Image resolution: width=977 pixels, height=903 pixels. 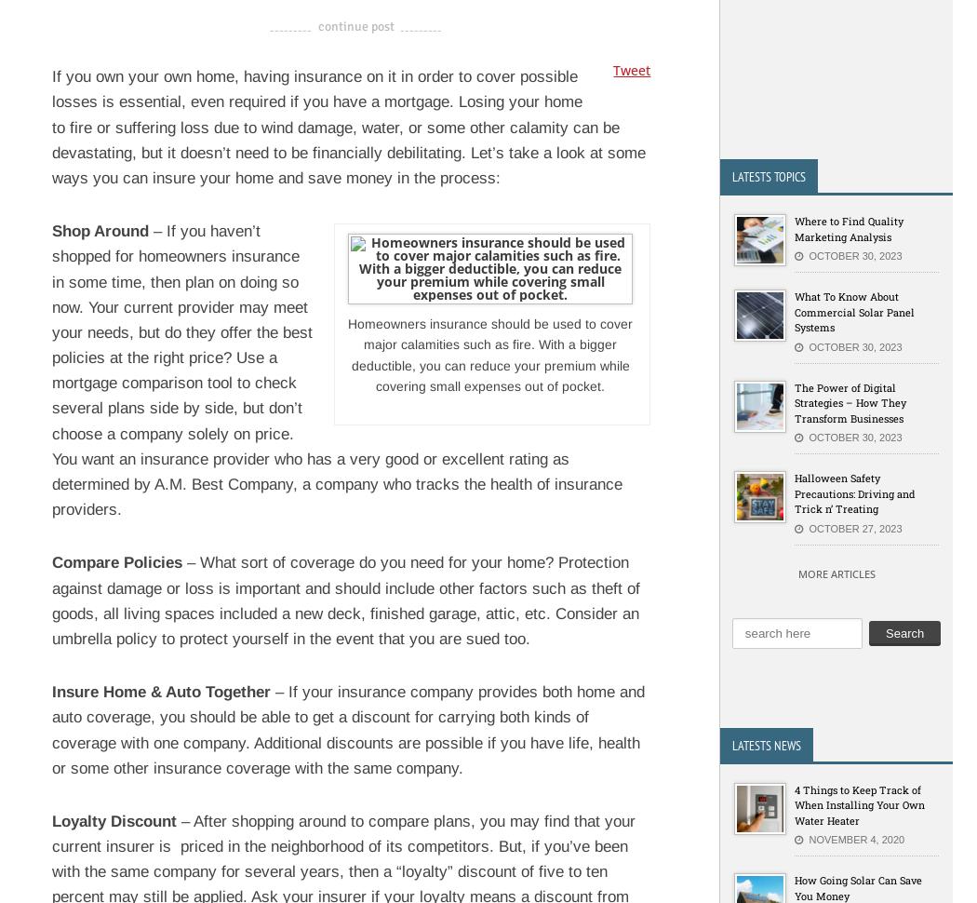 What do you see at coordinates (161, 691) in the screenshot?
I see `'Insure Home & Auto Together'` at bounding box center [161, 691].